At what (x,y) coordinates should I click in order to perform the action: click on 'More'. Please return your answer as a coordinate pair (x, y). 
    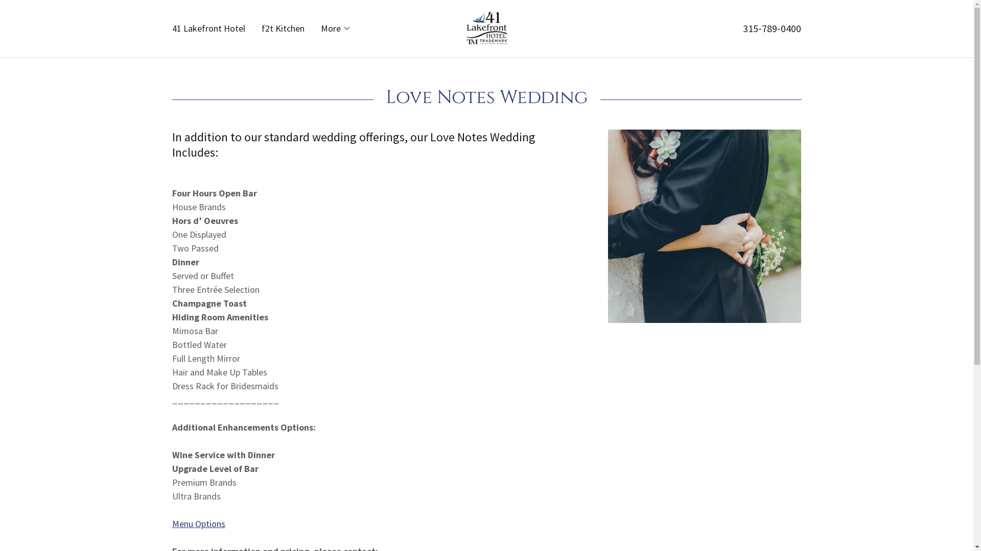
    Looking at the image, I should click on (336, 28).